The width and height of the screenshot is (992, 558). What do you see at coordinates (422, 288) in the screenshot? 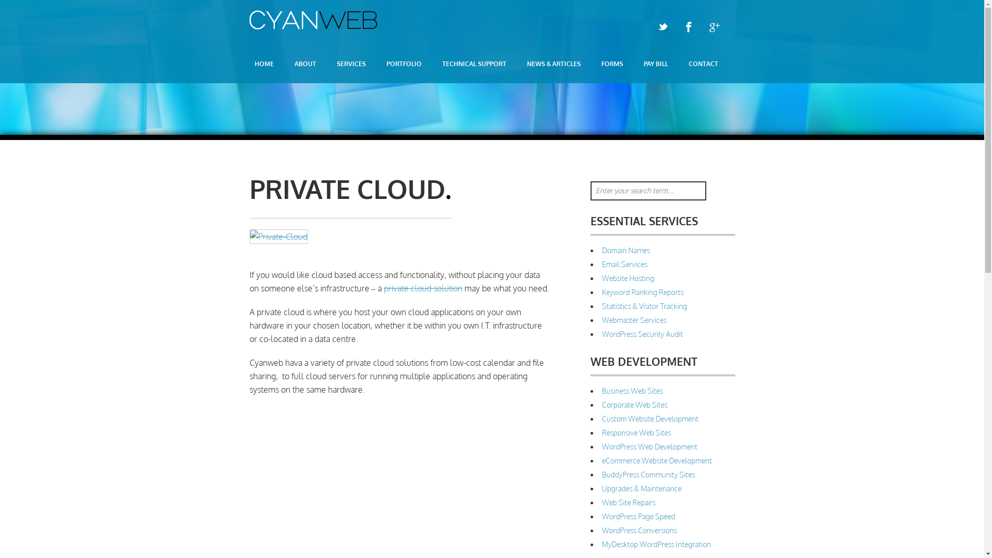
I see `'private cloud solution'` at bounding box center [422, 288].